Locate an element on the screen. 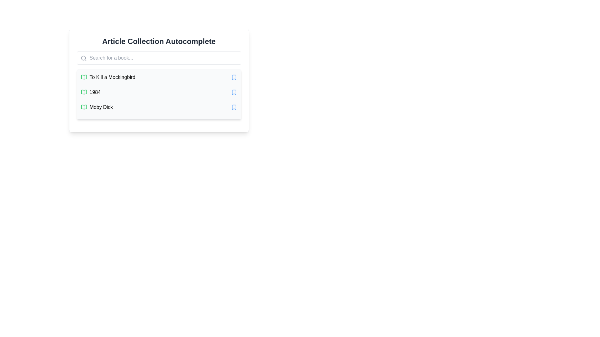 Image resolution: width=600 pixels, height=337 pixels. the text 'Moby Dick' in the List item with an open book icon is located at coordinates (96, 107).